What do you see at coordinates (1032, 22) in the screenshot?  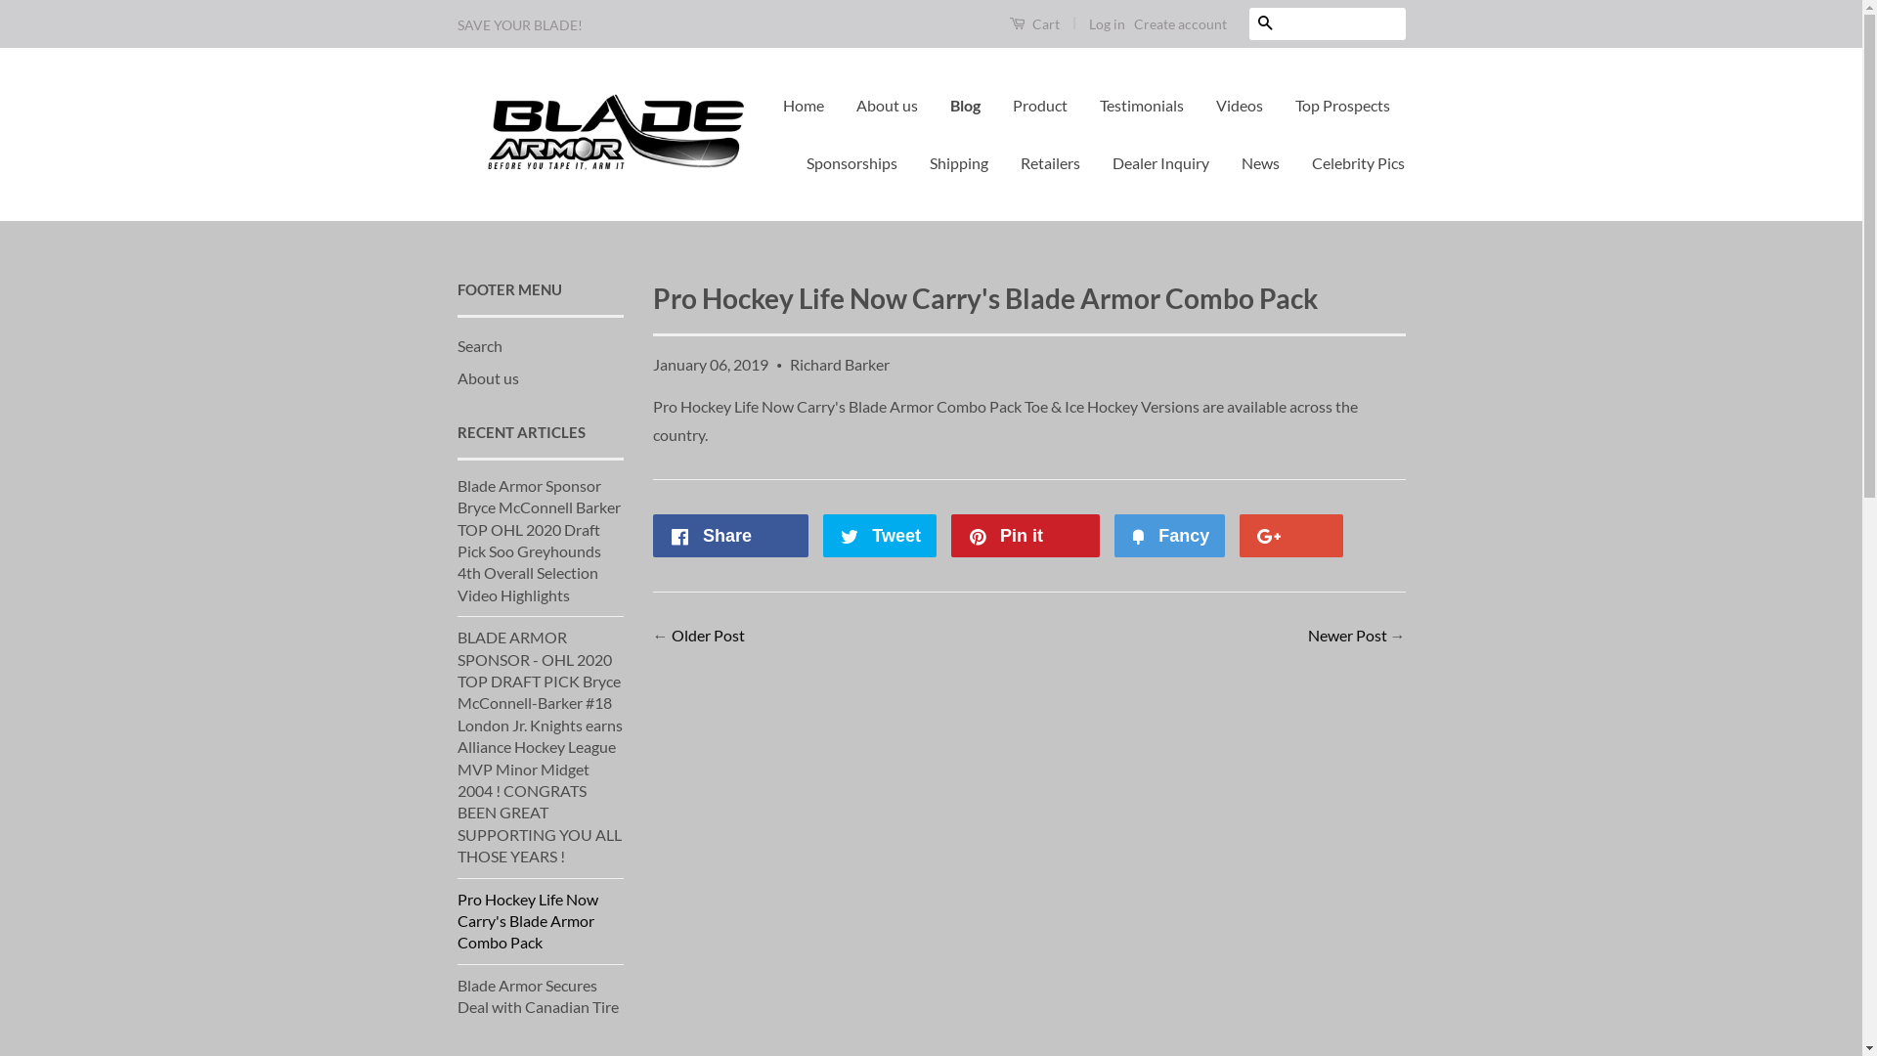 I see `'Cart'` at bounding box center [1032, 22].